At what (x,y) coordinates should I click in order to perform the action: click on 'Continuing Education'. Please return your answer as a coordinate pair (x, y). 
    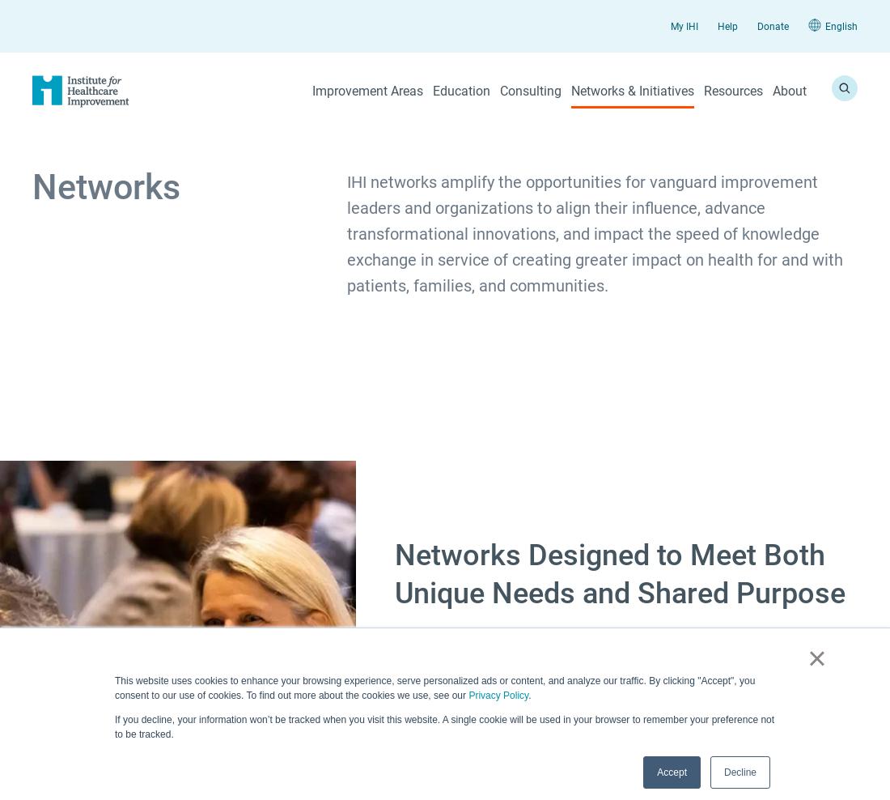
    Looking at the image, I should click on (365, 390).